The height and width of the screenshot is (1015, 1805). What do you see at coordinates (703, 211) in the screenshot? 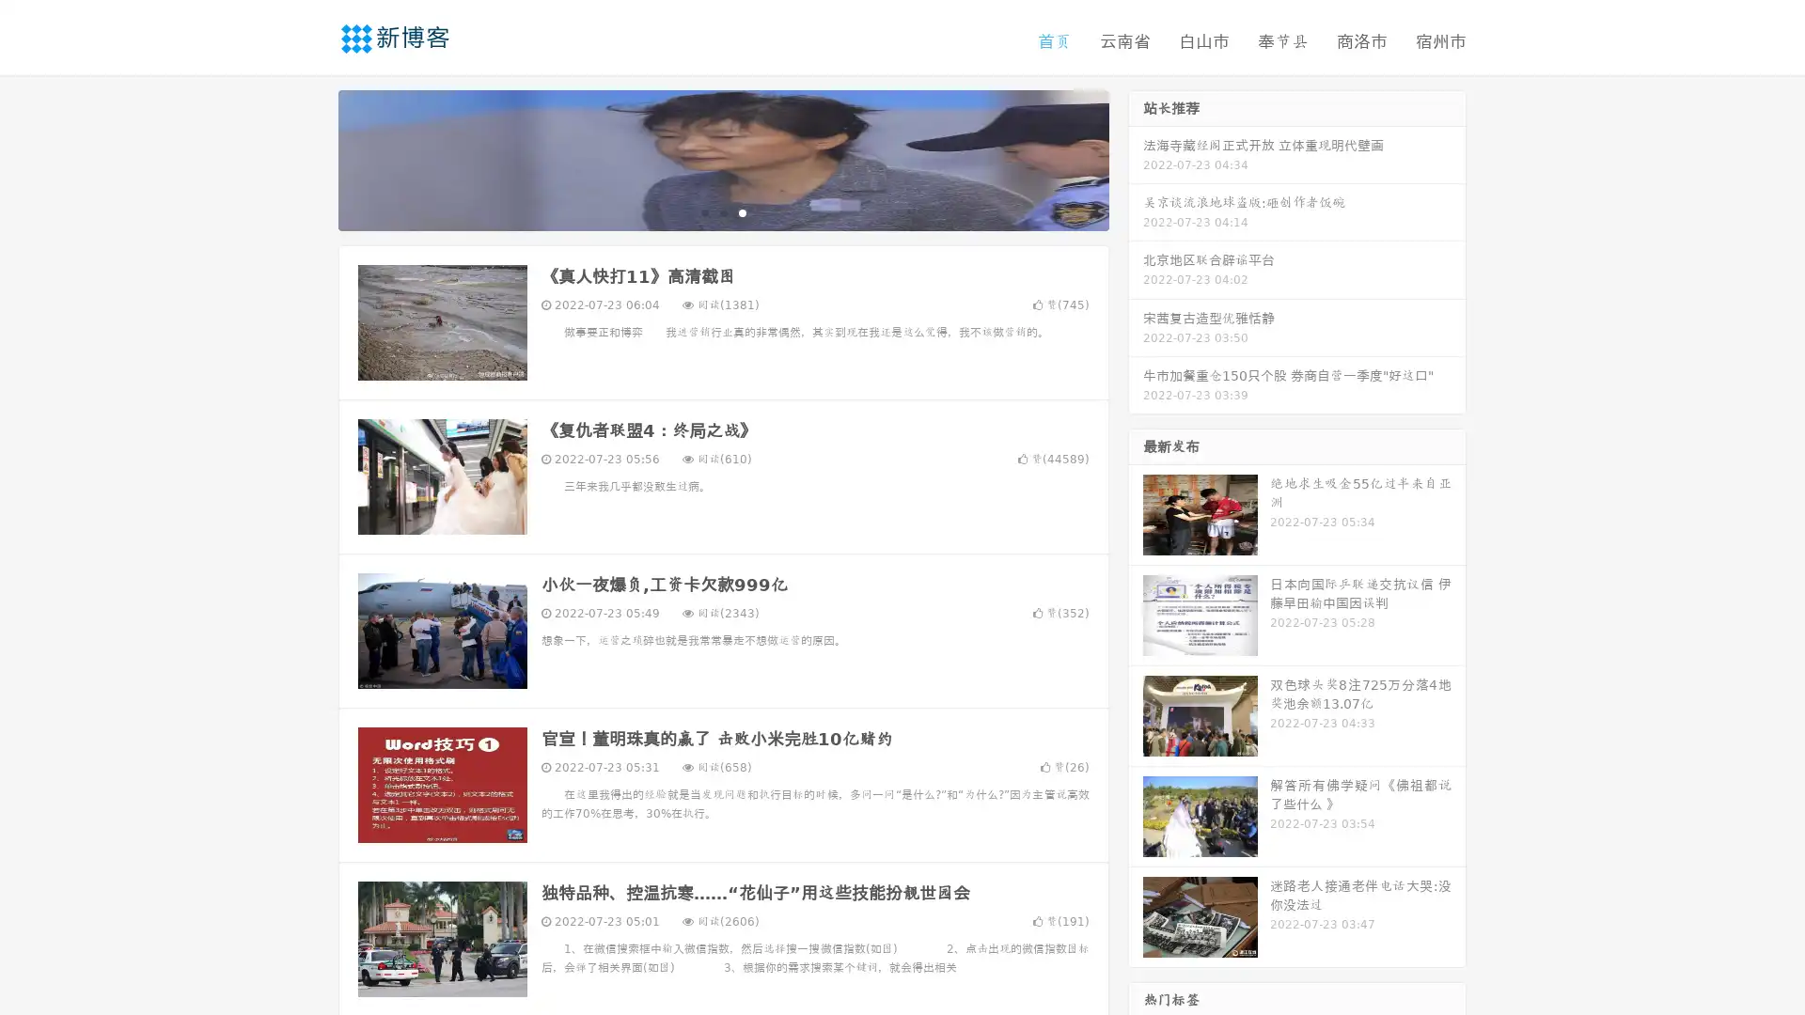
I see `Go to slide 1` at bounding box center [703, 211].